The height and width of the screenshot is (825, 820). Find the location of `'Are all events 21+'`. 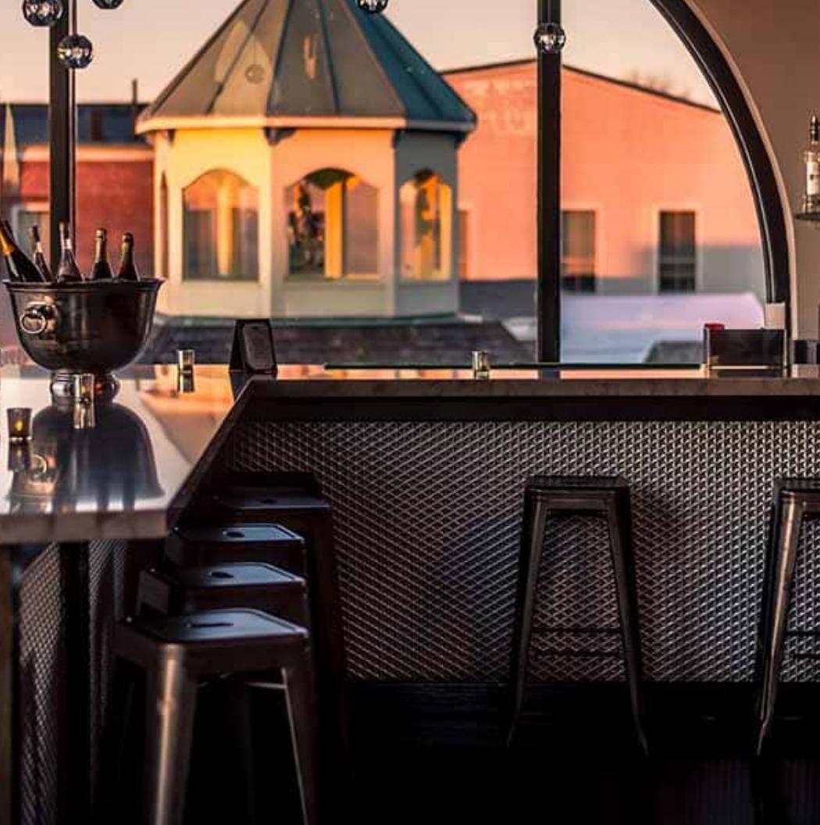

'Are all events 21+' is located at coordinates (159, 417).